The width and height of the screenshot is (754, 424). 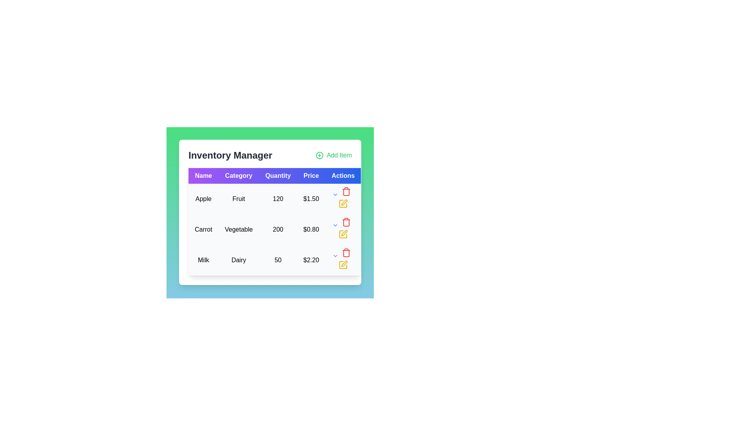 I want to click on the yellow pencil icon button located in the first row of the 'Actions' column in the table, so click(x=343, y=203).